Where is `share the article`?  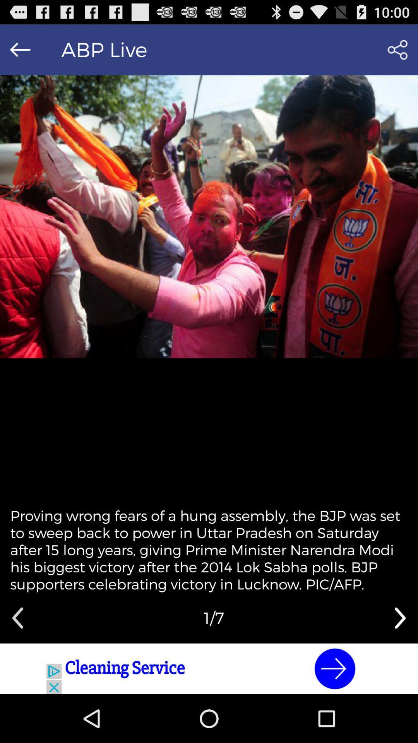 share the article is located at coordinates (397, 49).